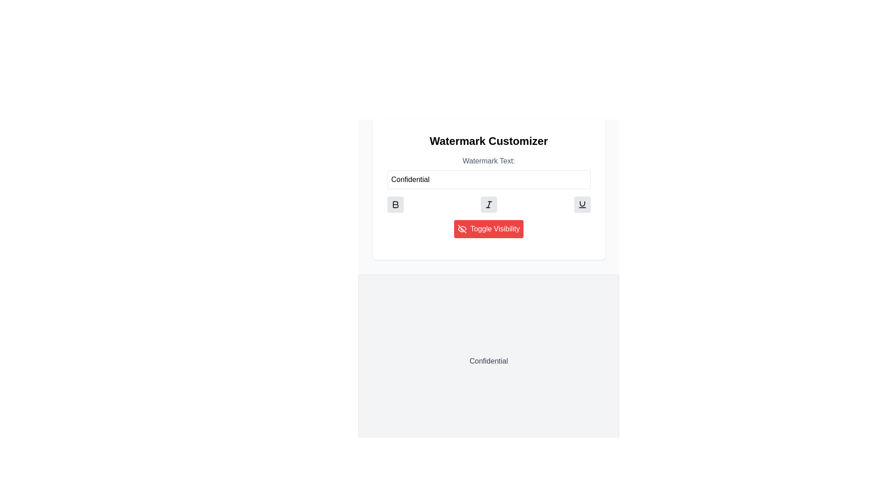 The height and width of the screenshot is (489, 871). I want to click on the underline formatting icon button located at the rightmost side of a group of three icons, adjacent to the italicized 'I' icon, so click(582, 204).